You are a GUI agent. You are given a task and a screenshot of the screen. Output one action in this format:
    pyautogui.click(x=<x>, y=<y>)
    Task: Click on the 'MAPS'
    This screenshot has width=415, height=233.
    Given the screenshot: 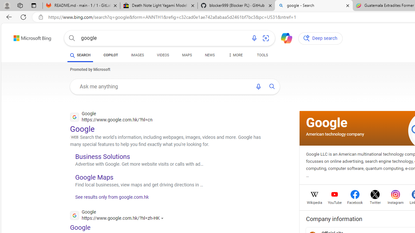 What is the action you would take?
    pyautogui.click(x=186, y=56)
    